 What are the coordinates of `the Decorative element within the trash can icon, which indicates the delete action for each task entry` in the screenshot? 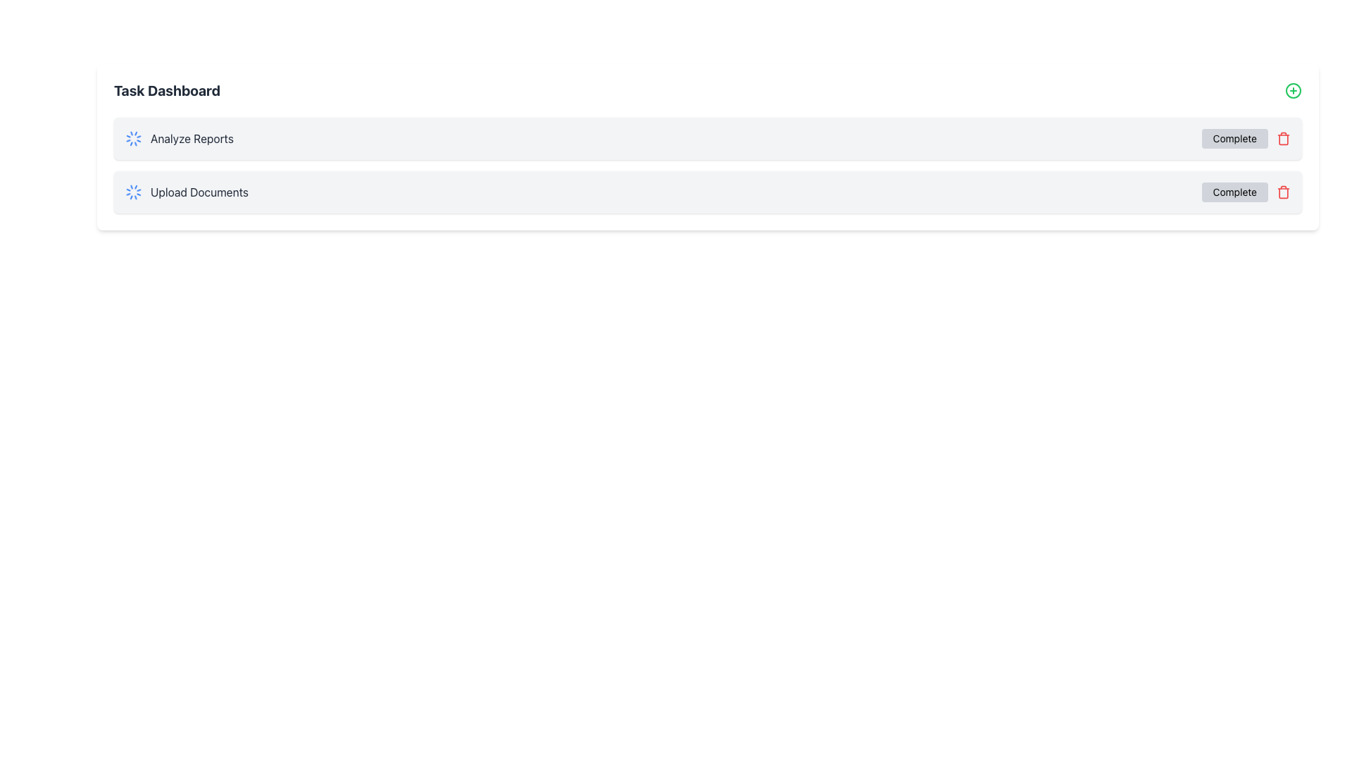 It's located at (1284, 139).